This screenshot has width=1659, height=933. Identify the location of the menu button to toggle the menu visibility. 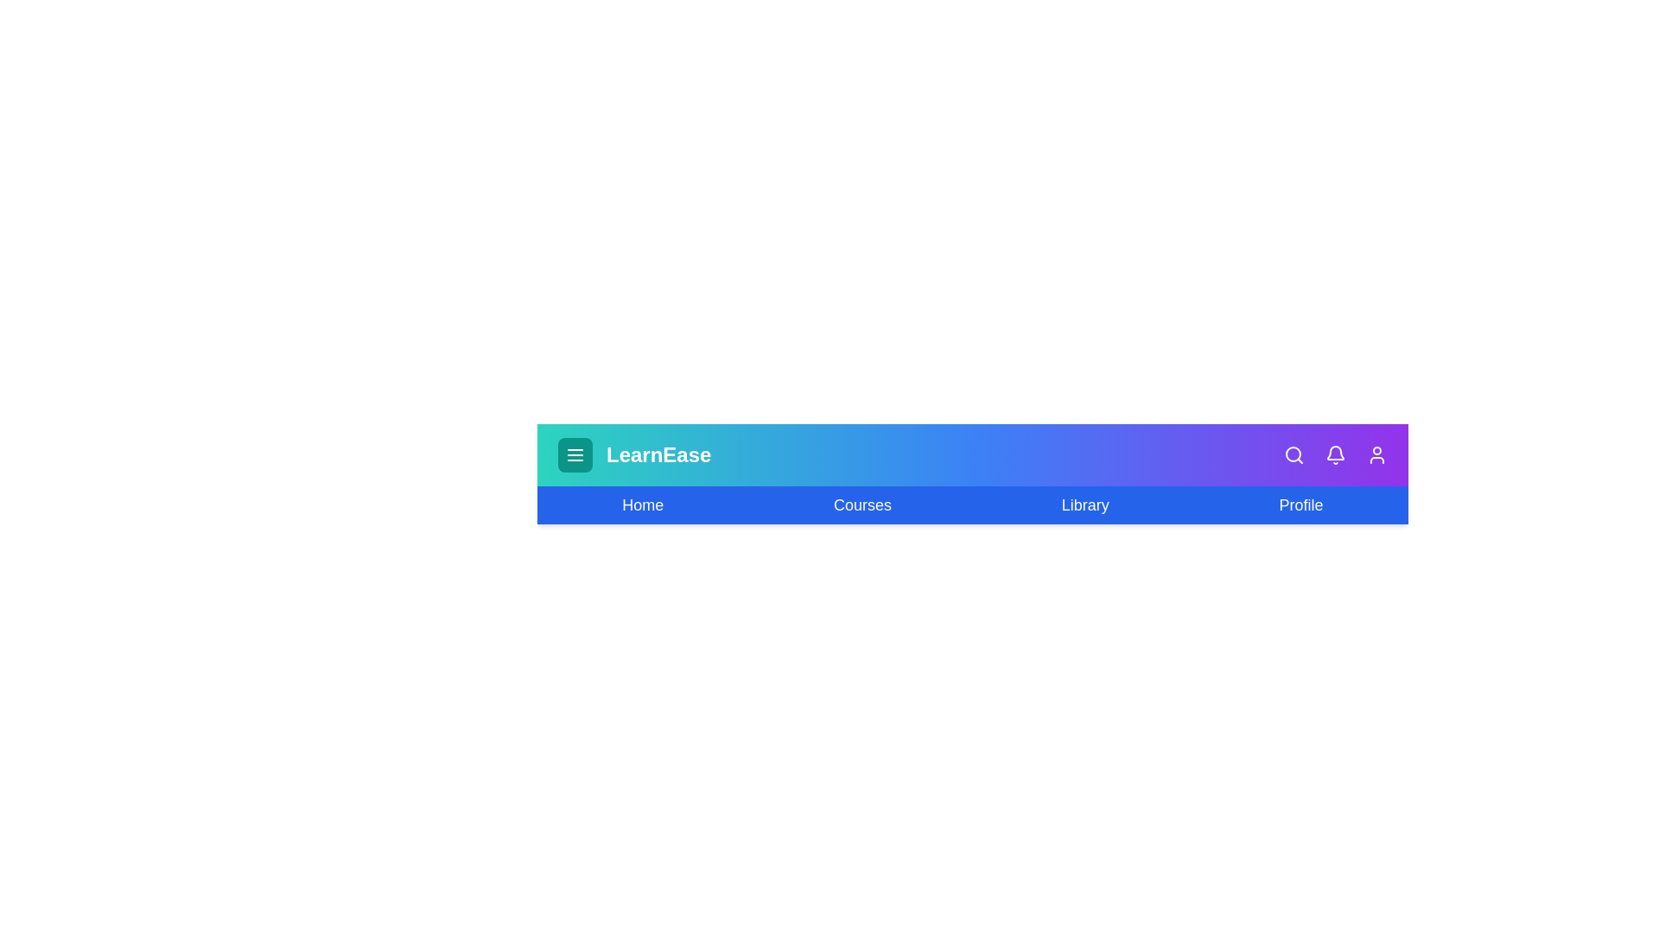
(575, 454).